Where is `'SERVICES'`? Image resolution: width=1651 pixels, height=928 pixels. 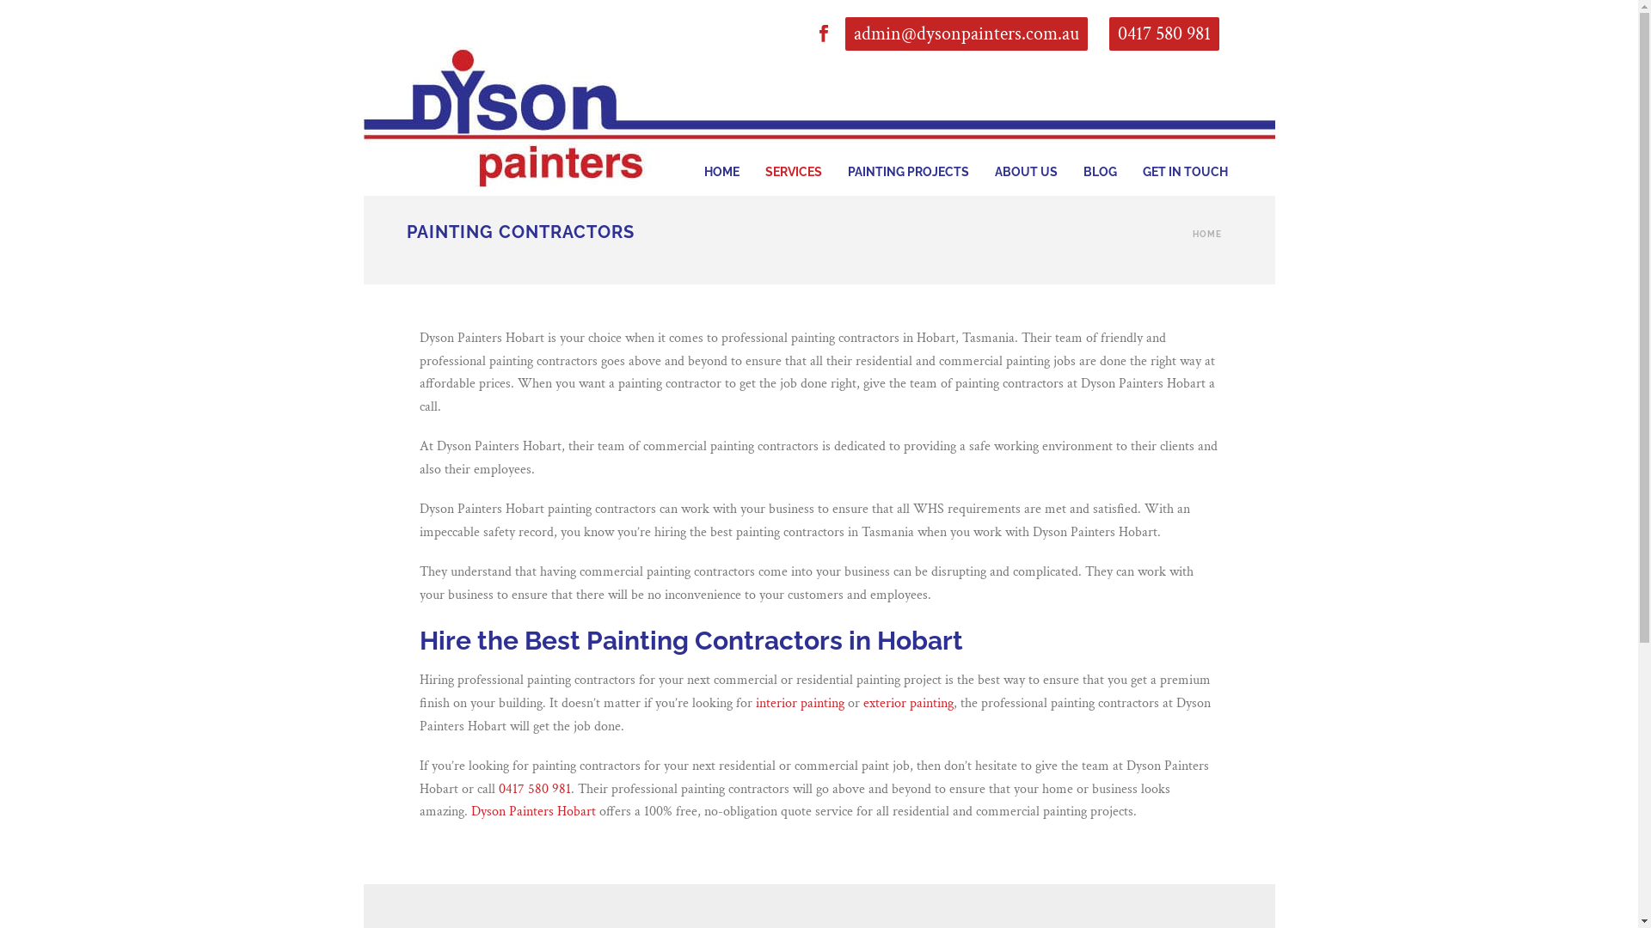 'SERVICES' is located at coordinates (791, 147).